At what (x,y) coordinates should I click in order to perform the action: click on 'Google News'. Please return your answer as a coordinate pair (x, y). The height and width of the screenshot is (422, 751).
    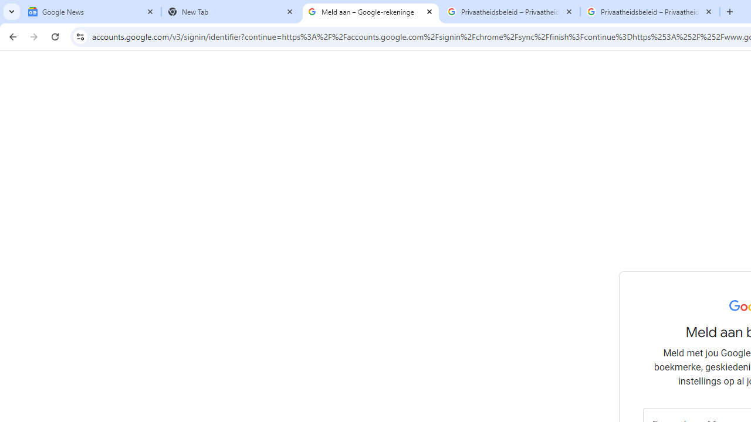
    Looking at the image, I should click on (91, 12).